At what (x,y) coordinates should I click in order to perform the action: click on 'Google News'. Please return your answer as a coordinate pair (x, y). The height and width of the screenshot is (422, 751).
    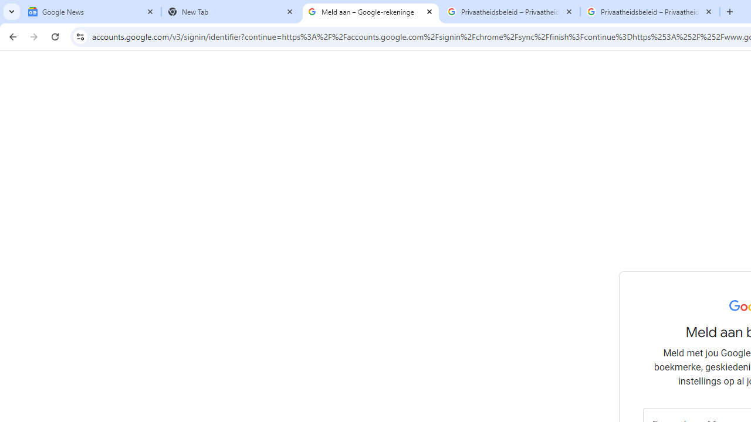
    Looking at the image, I should click on (91, 12).